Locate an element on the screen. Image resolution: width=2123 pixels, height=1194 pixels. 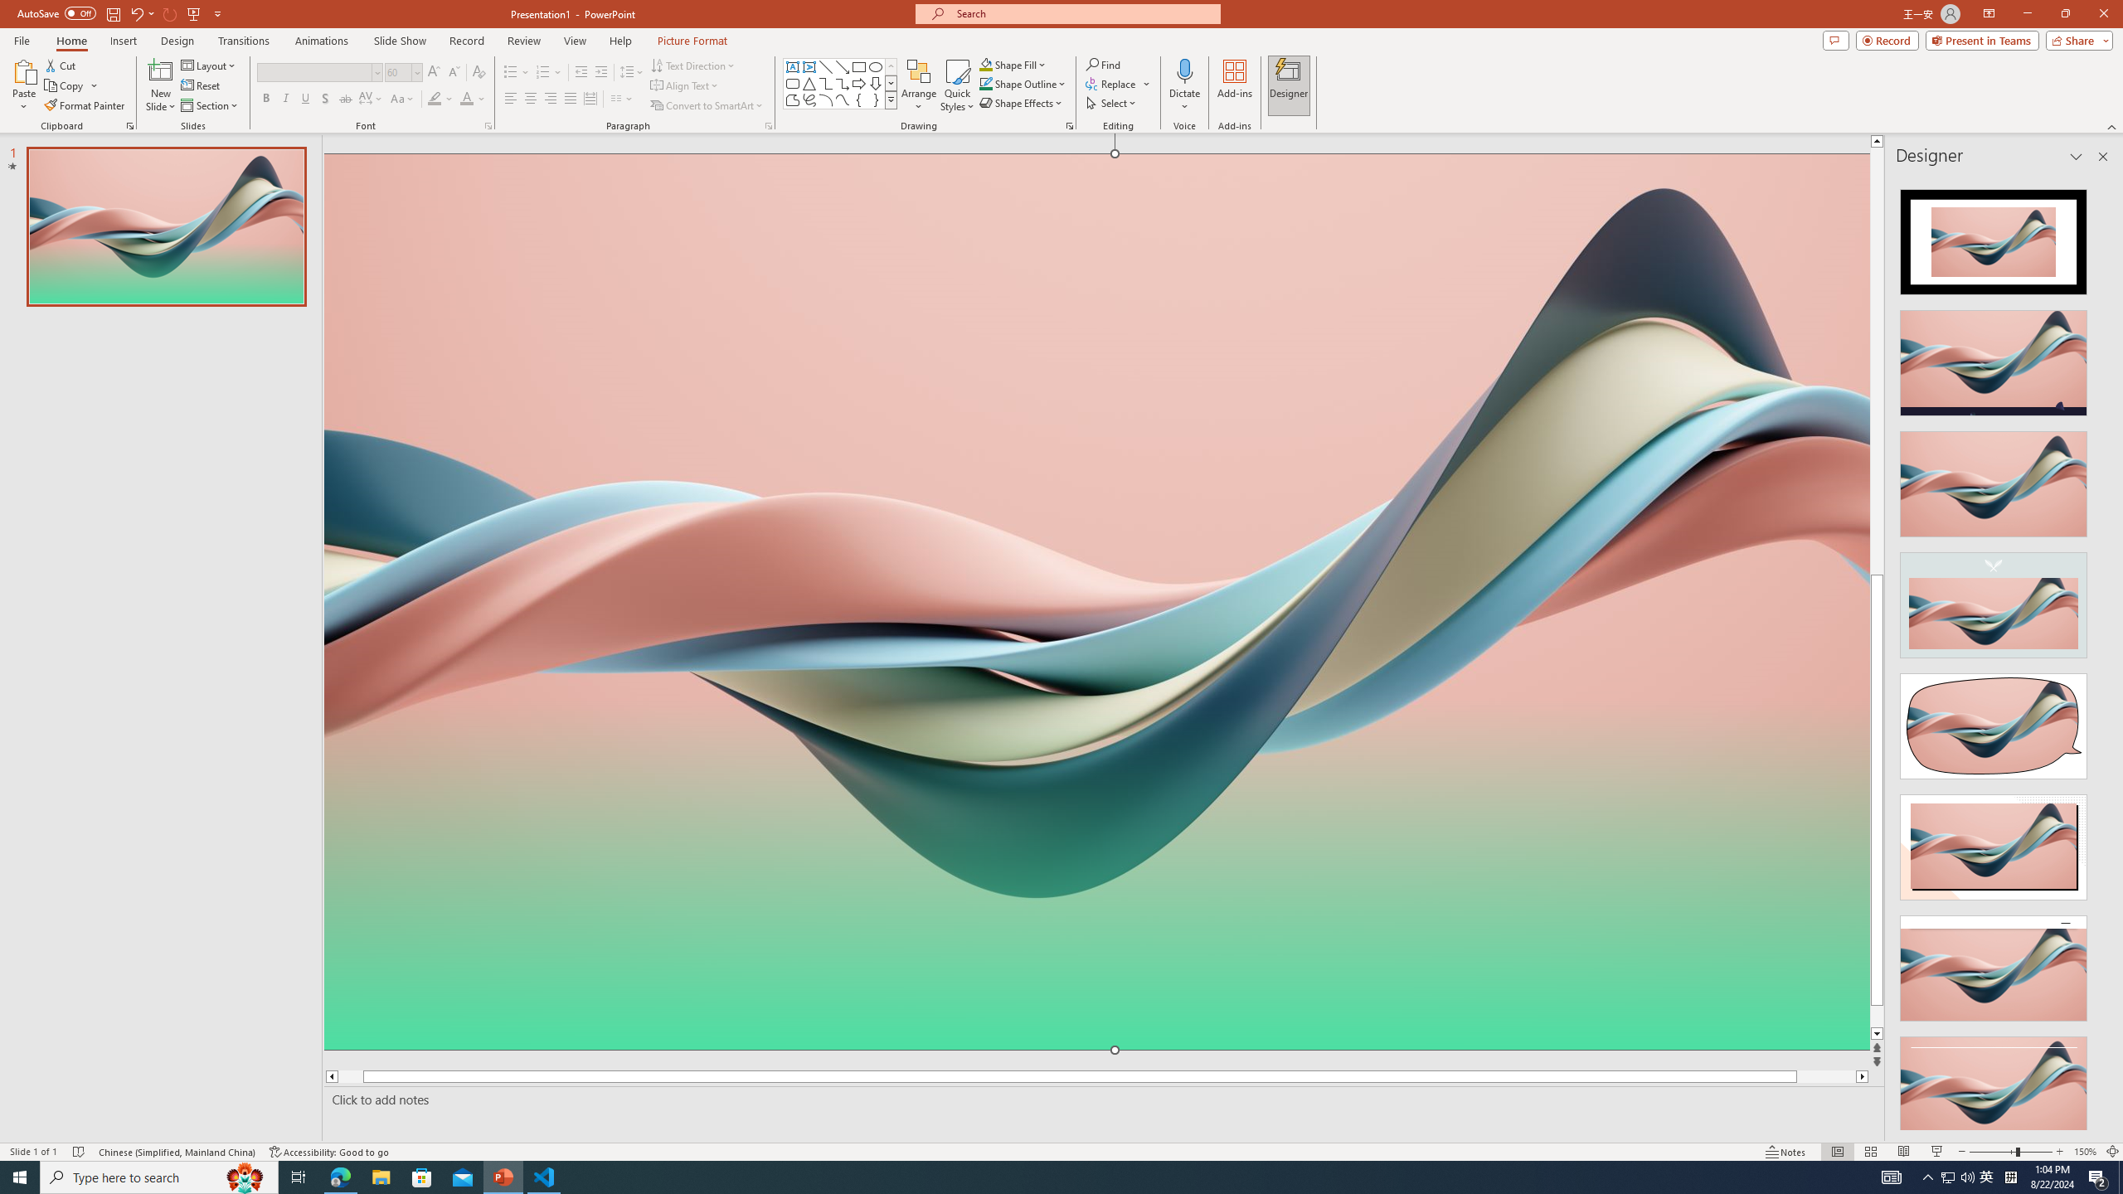
'Class: NetUIScrollBar' is located at coordinates (2101, 652).